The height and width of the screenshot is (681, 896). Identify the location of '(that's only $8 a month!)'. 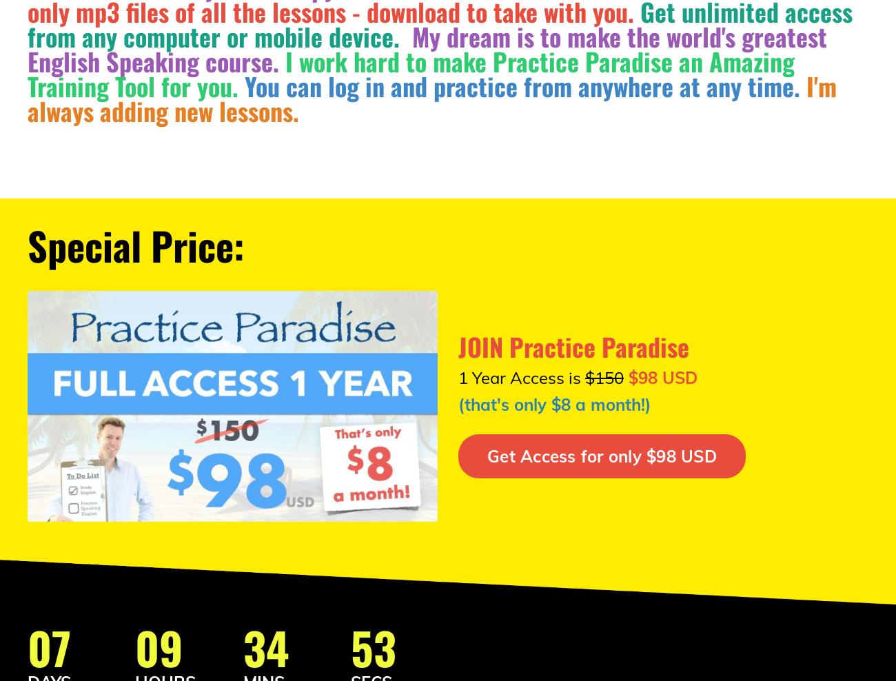
(553, 403).